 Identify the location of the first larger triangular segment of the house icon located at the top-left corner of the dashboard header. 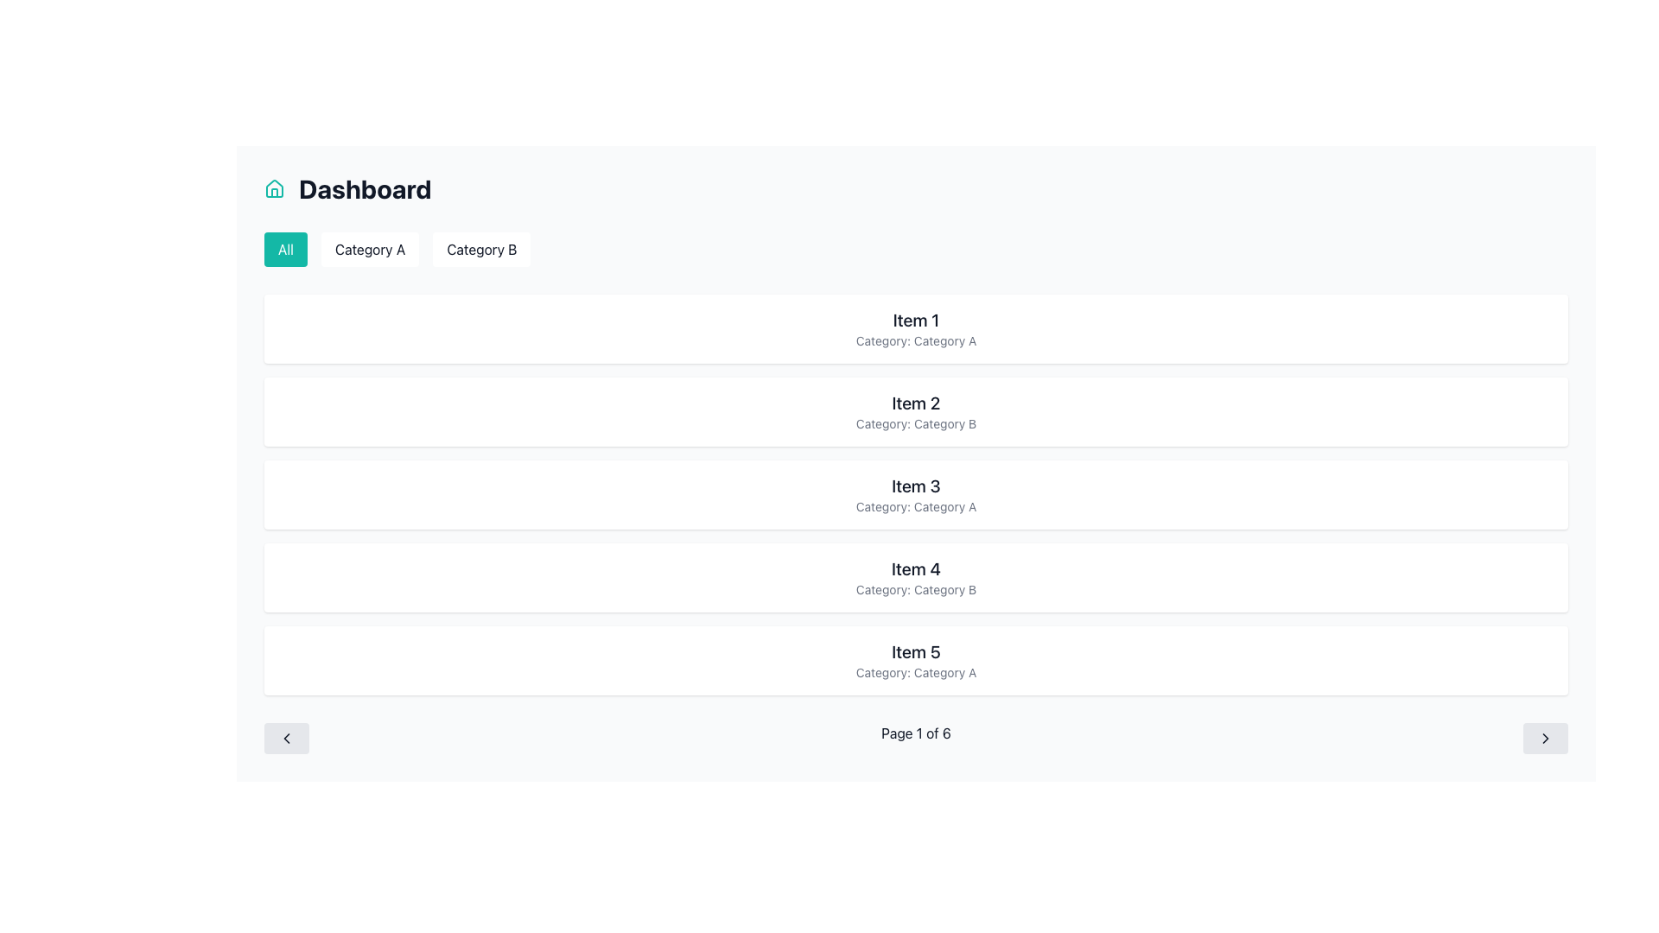
(273, 188).